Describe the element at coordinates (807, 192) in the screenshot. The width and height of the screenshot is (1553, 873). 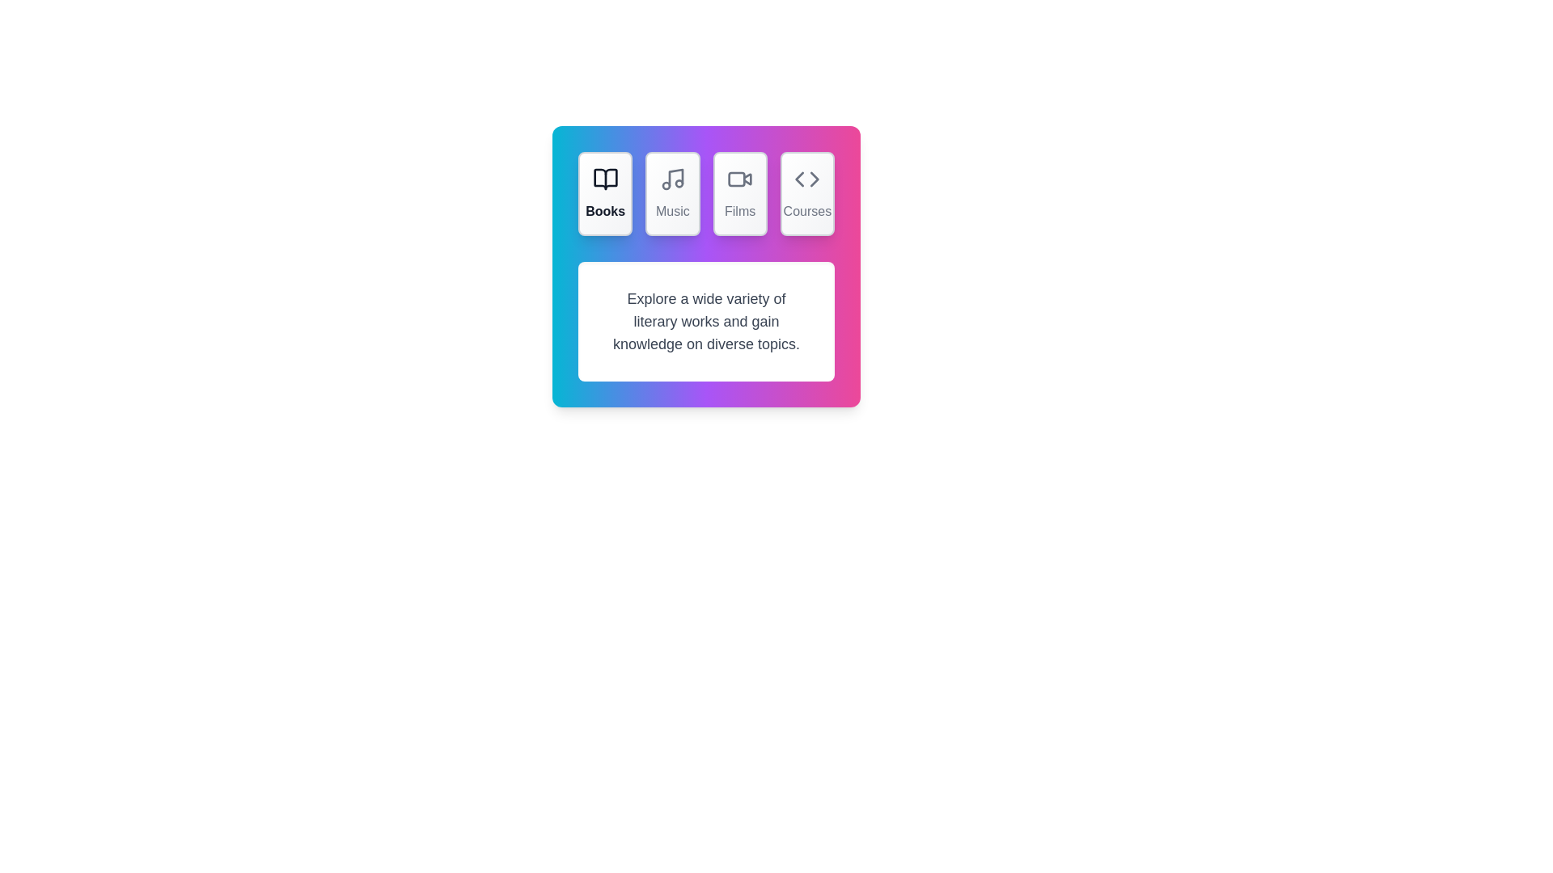
I see `the Courses tab` at that location.